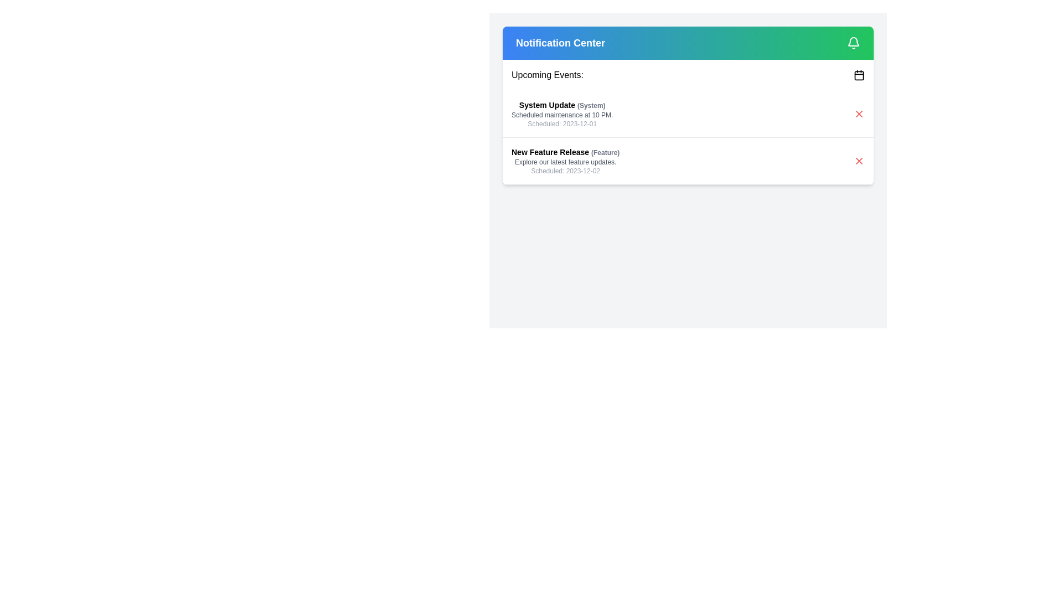 The height and width of the screenshot is (598, 1063). Describe the element at coordinates (853, 42) in the screenshot. I see `the bell-shaped notification icon located in the upper-right corner of the Notification Center, which has a distinct circular base and is styled with a simple linear design on a green gradient background` at that location.